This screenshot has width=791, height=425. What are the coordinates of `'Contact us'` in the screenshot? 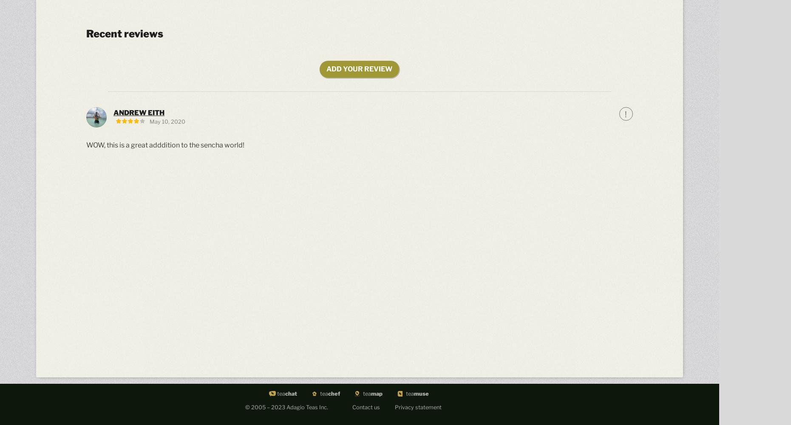 It's located at (366, 407).